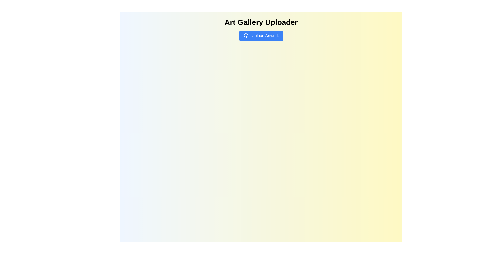  Describe the element at coordinates (261, 22) in the screenshot. I see `the prominently displayed header text 'Art Gallery Uploader' which is located at the top-center of the interface layout, using a bold and large font style against a gradient background` at that location.